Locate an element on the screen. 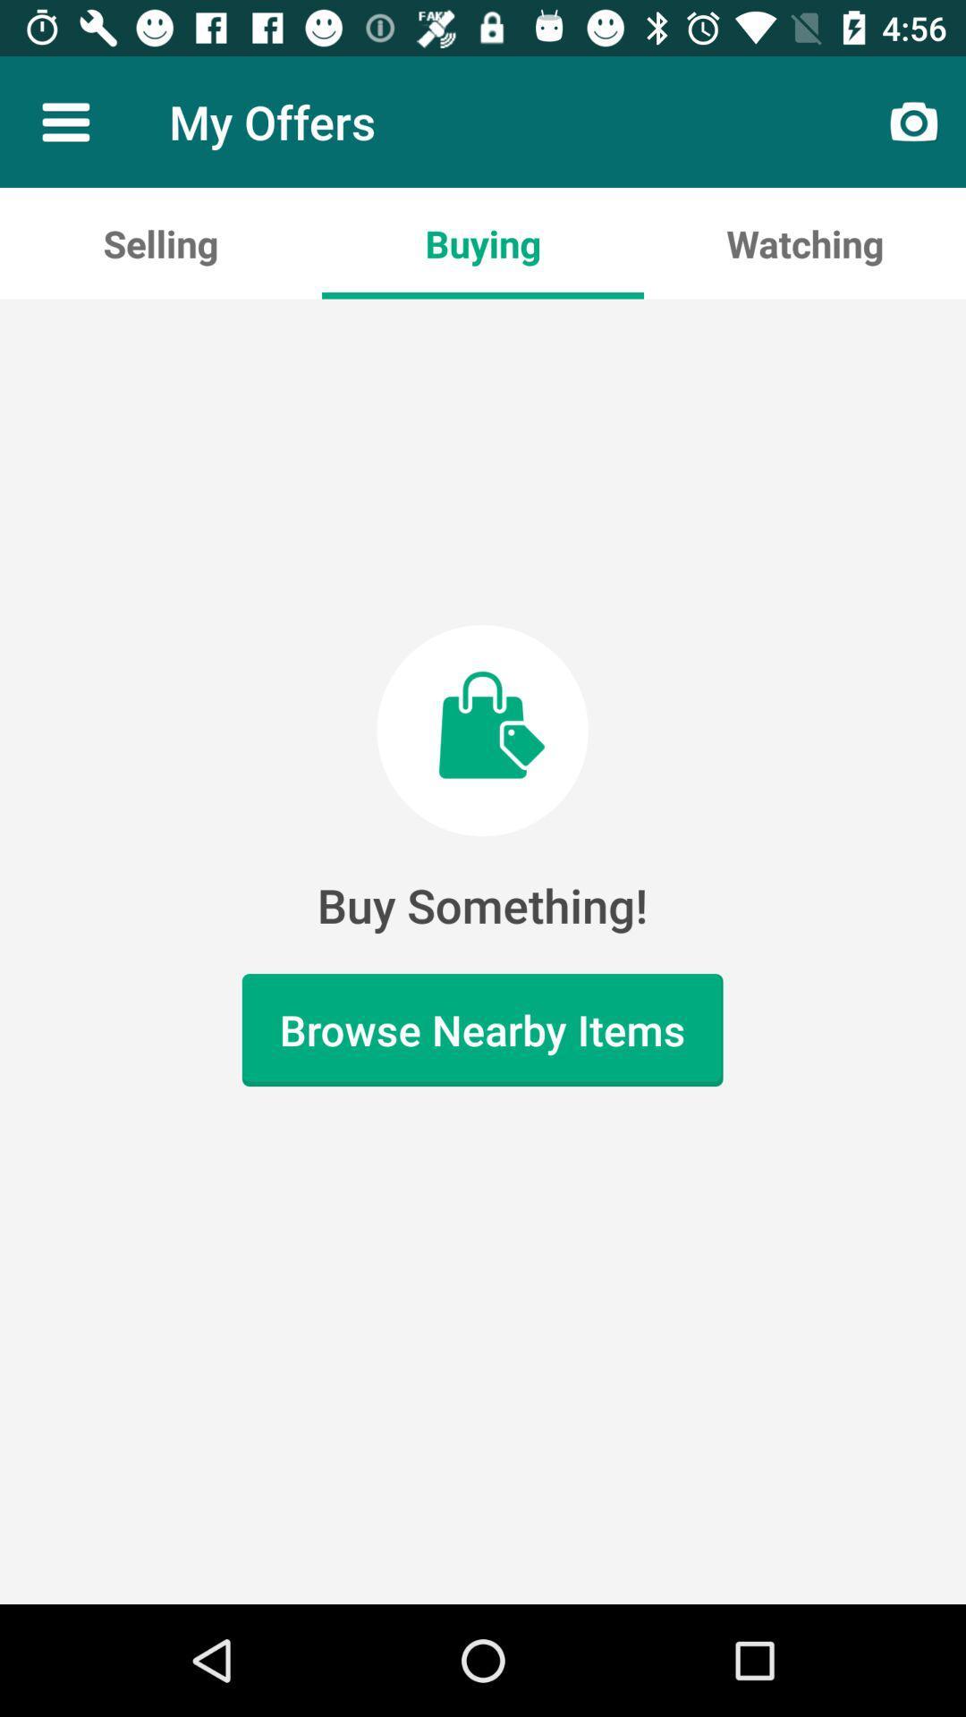 The image size is (966, 1717). the browse nearby items item is located at coordinates (481, 1030).